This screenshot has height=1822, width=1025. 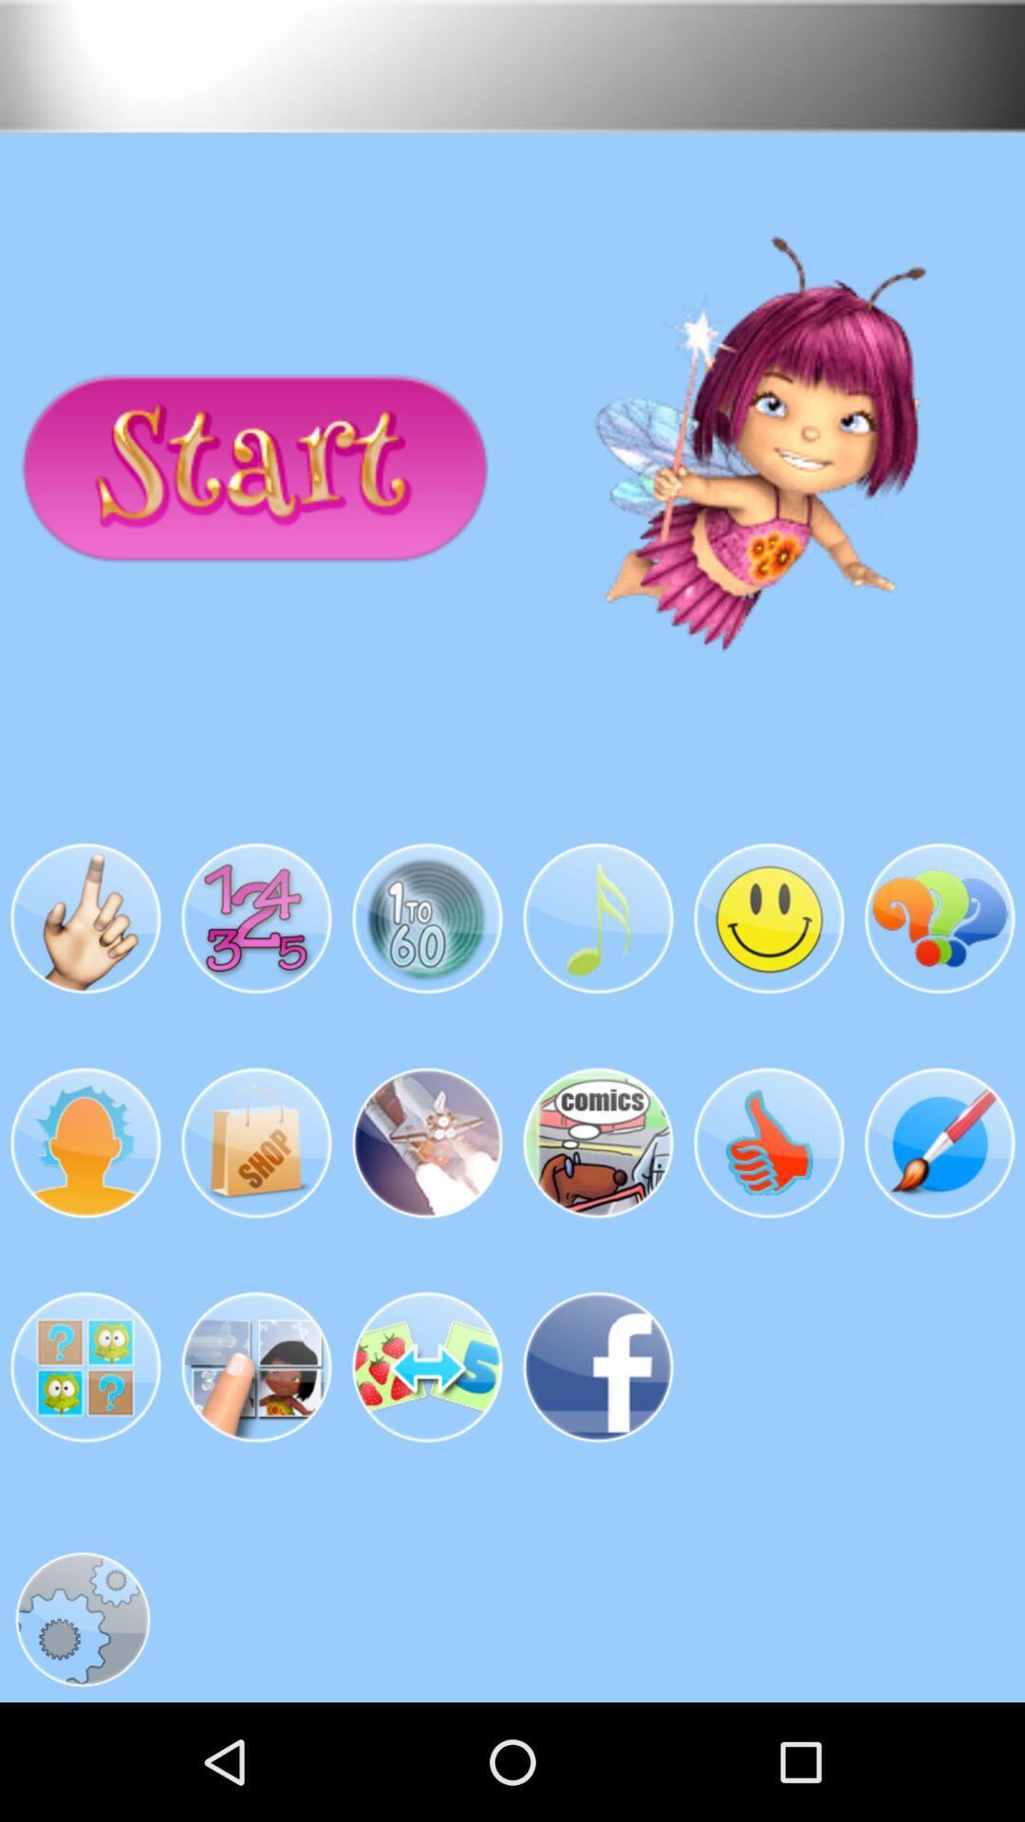 What do you see at coordinates (427, 1462) in the screenshot?
I see `the emoji icon` at bounding box center [427, 1462].